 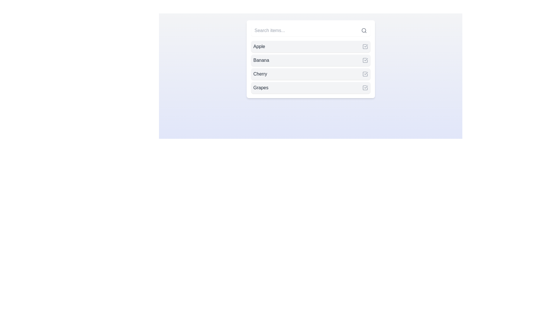 I want to click on the 'Cherry' selectable list item, so click(x=310, y=74).